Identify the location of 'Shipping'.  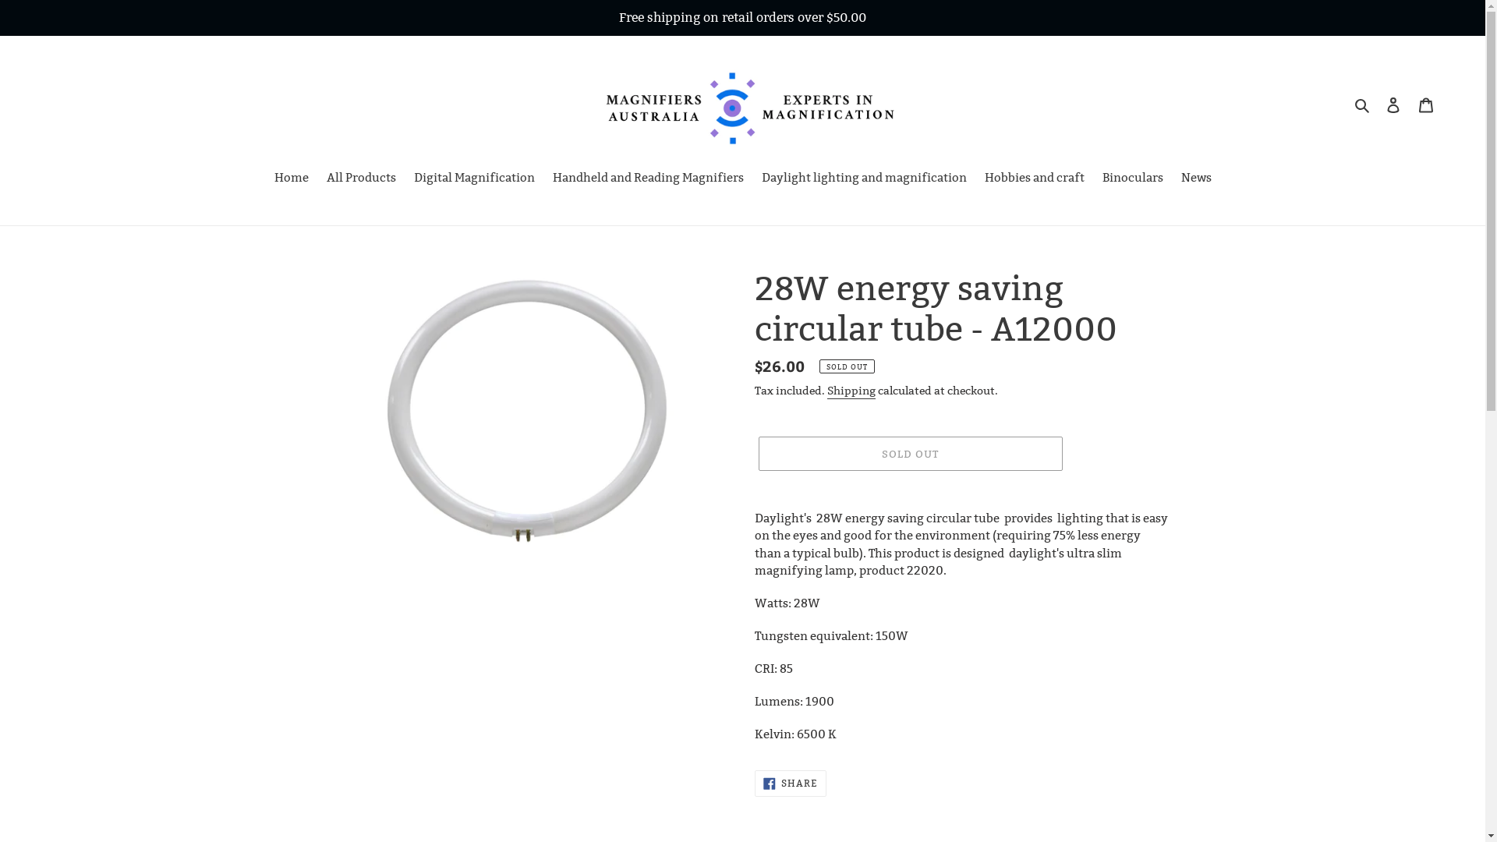
(826, 390).